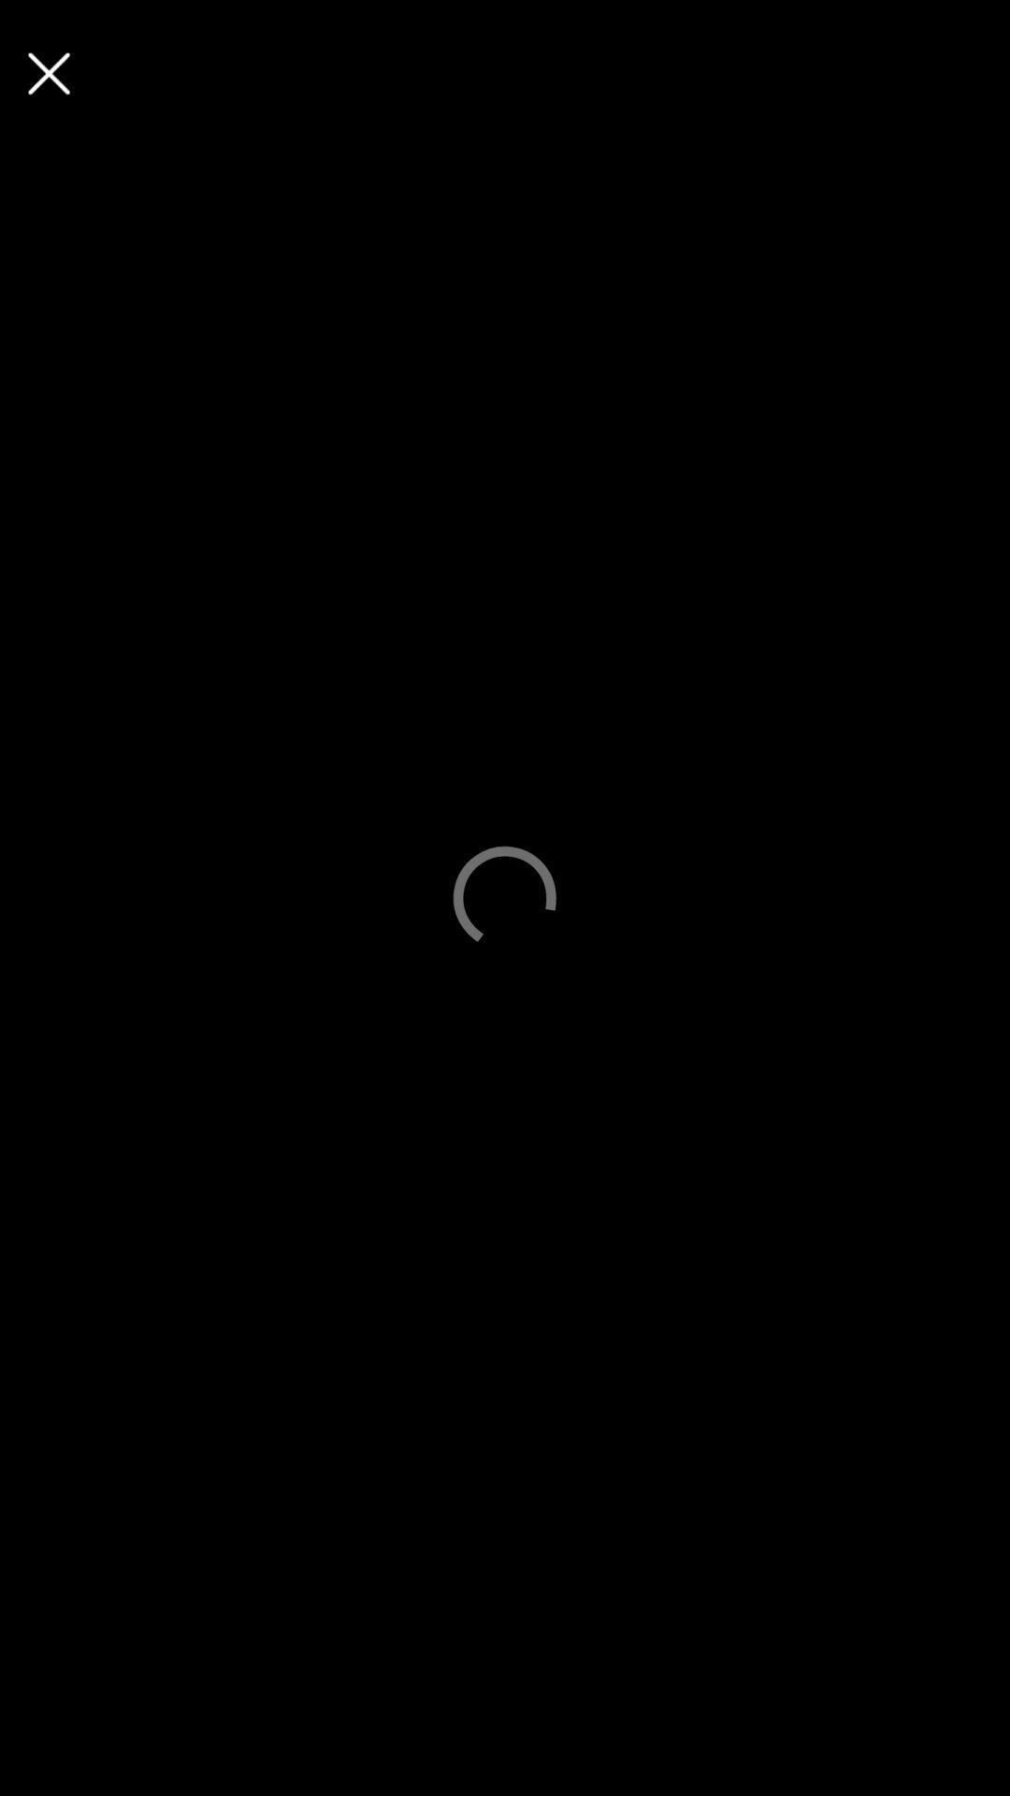 This screenshot has height=1796, width=1010. What do you see at coordinates (48, 73) in the screenshot?
I see `the close icon` at bounding box center [48, 73].